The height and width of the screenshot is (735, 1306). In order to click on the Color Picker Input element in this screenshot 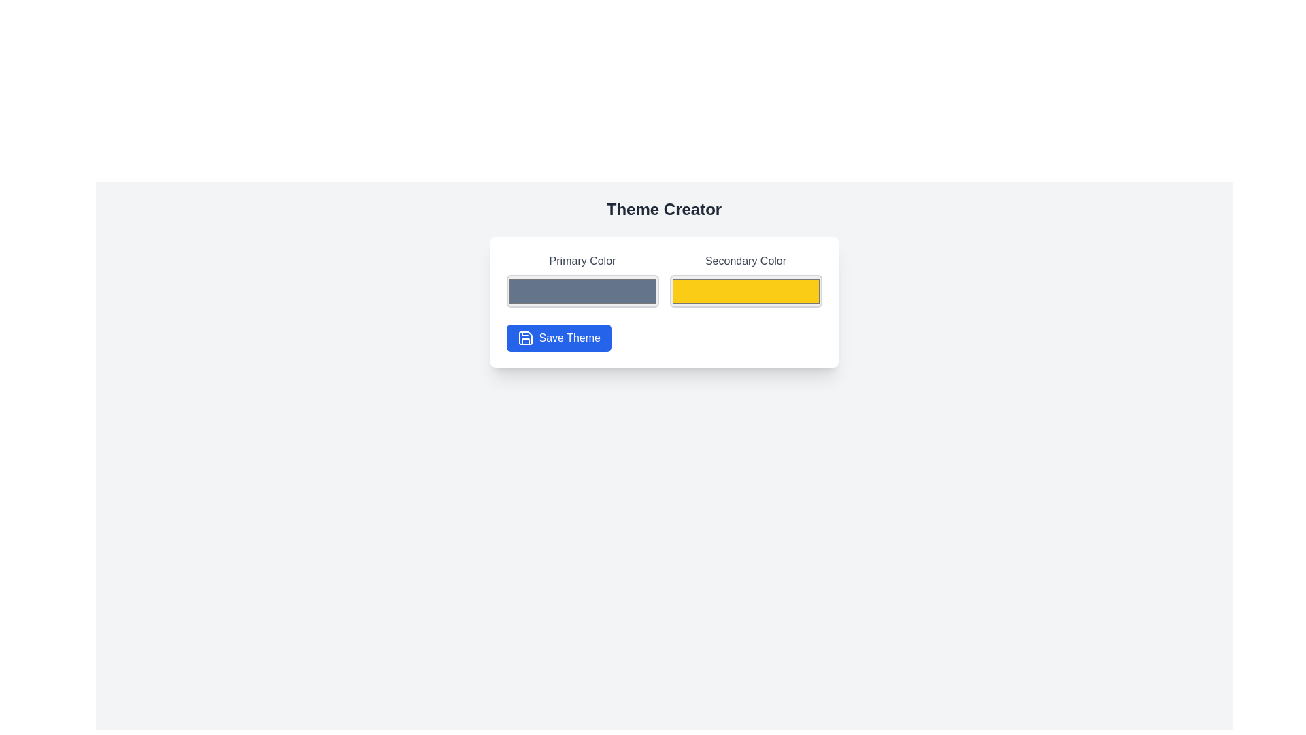, I will do `click(582, 280)`.